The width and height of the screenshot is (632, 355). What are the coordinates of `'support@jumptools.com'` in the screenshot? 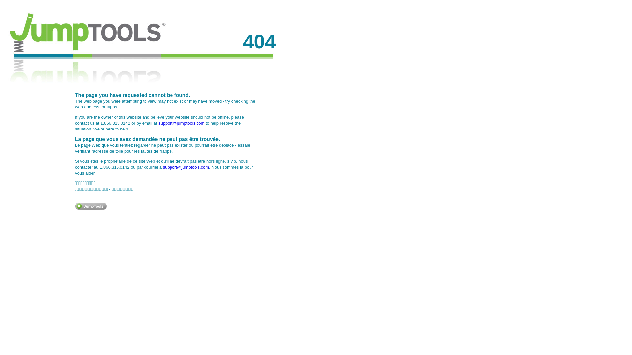 It's located at (186, 167).